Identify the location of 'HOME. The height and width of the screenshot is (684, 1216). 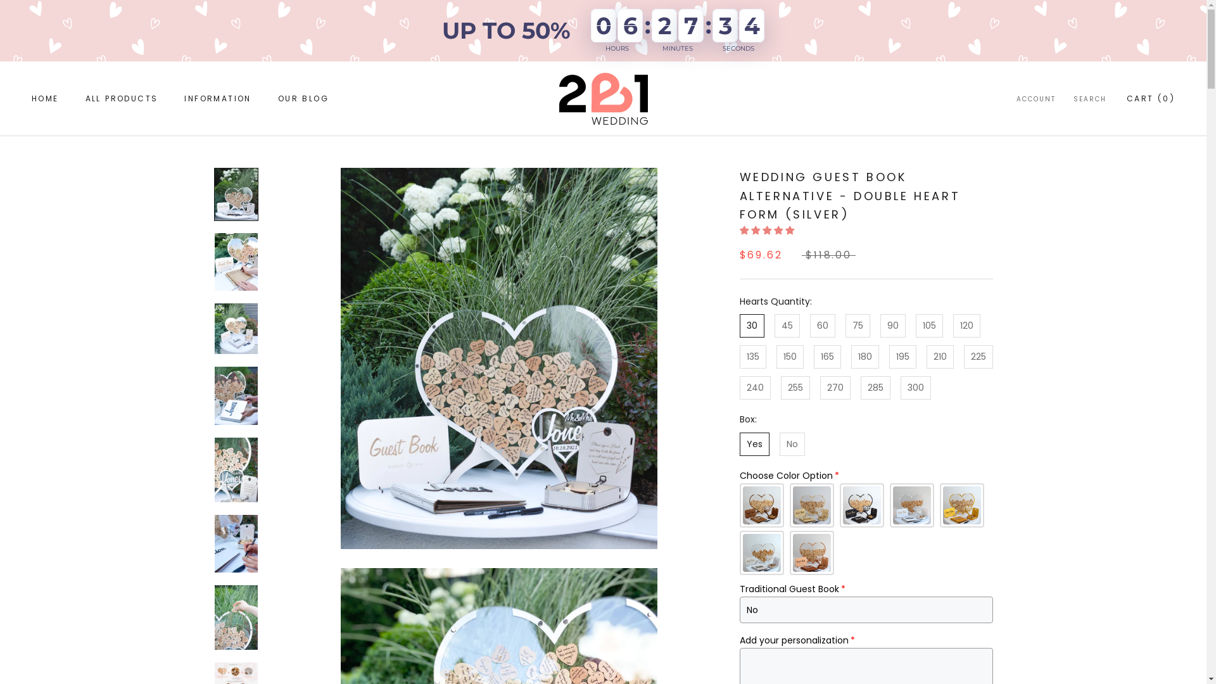
(45, 98).